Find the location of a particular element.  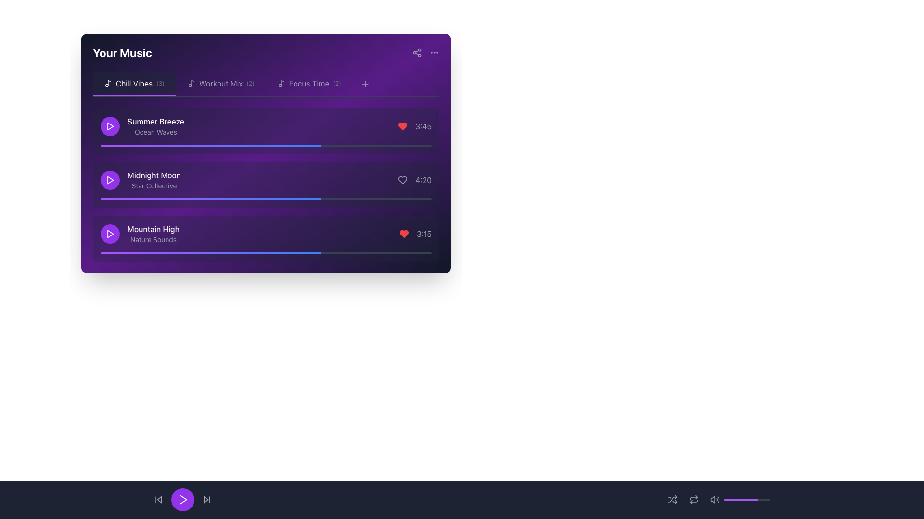

the progress indicator of the second track 'Midnight Moon' by 'Star Collective', which is a horizontal bar with a gradient background transitioning from purple to blue is located at coordinates (210, 199).